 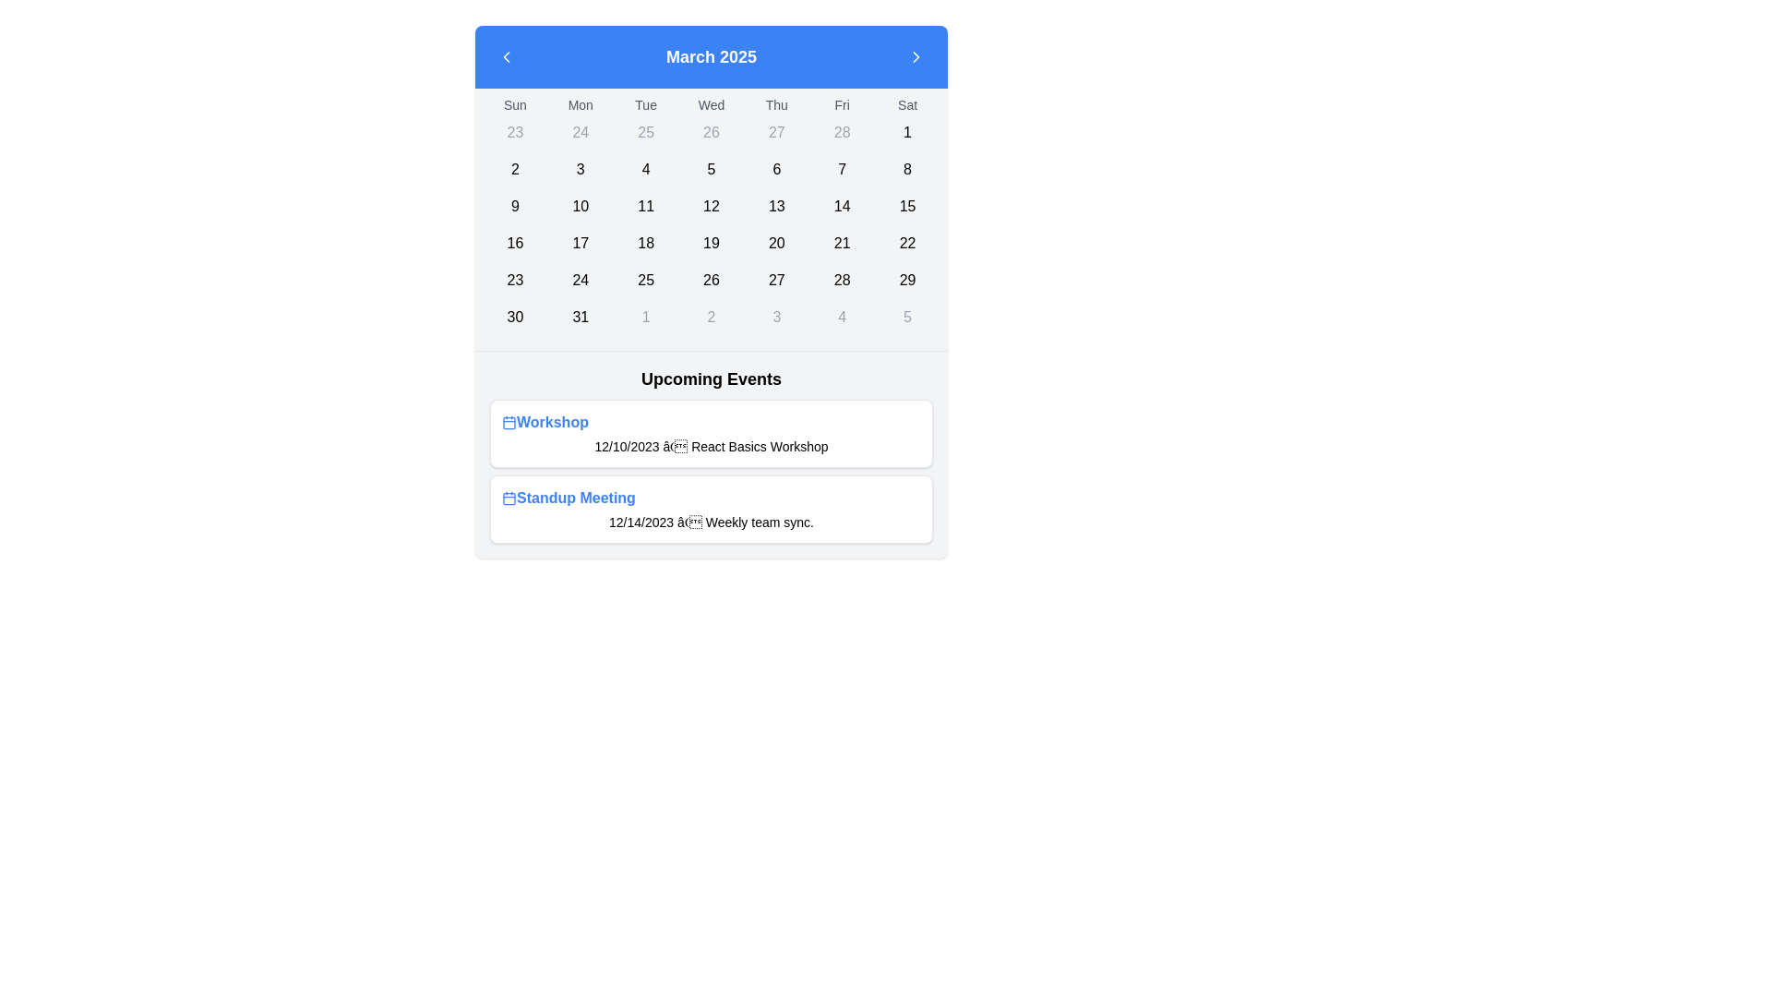 I want to click on the rounded rectangular button displaying the number '7' in the second row and sixth column of the grid calendar layout, so click(x=841, y=170).